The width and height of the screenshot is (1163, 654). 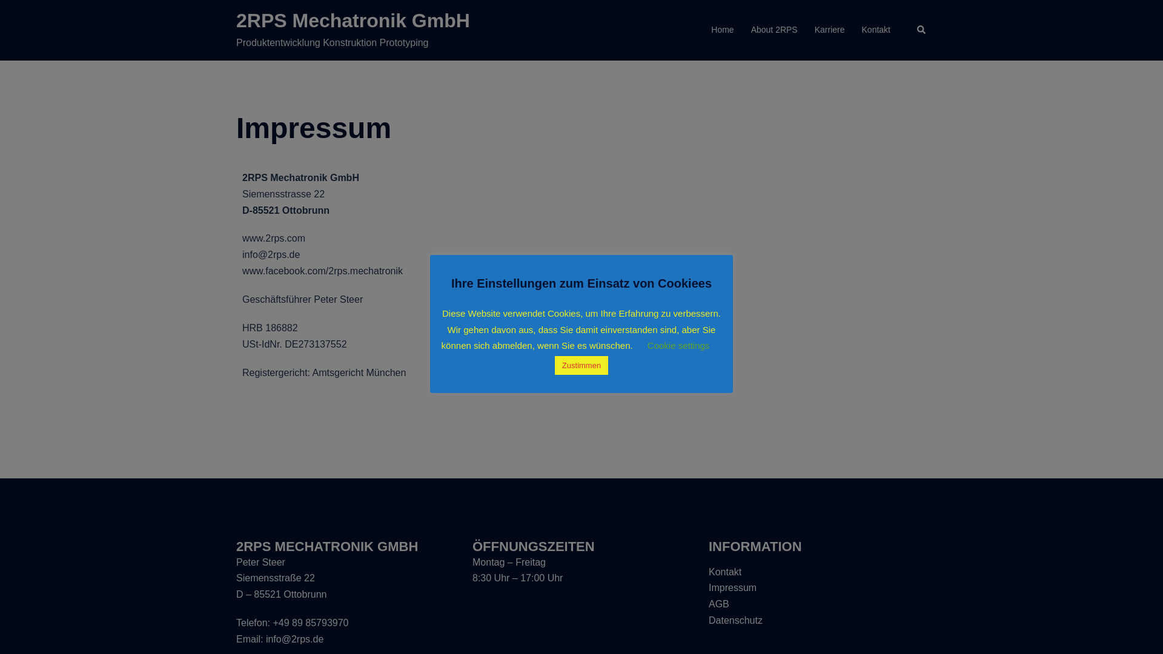 I want to click on '2RPS Mechatronik GmbH', so click(x=352, y=21).